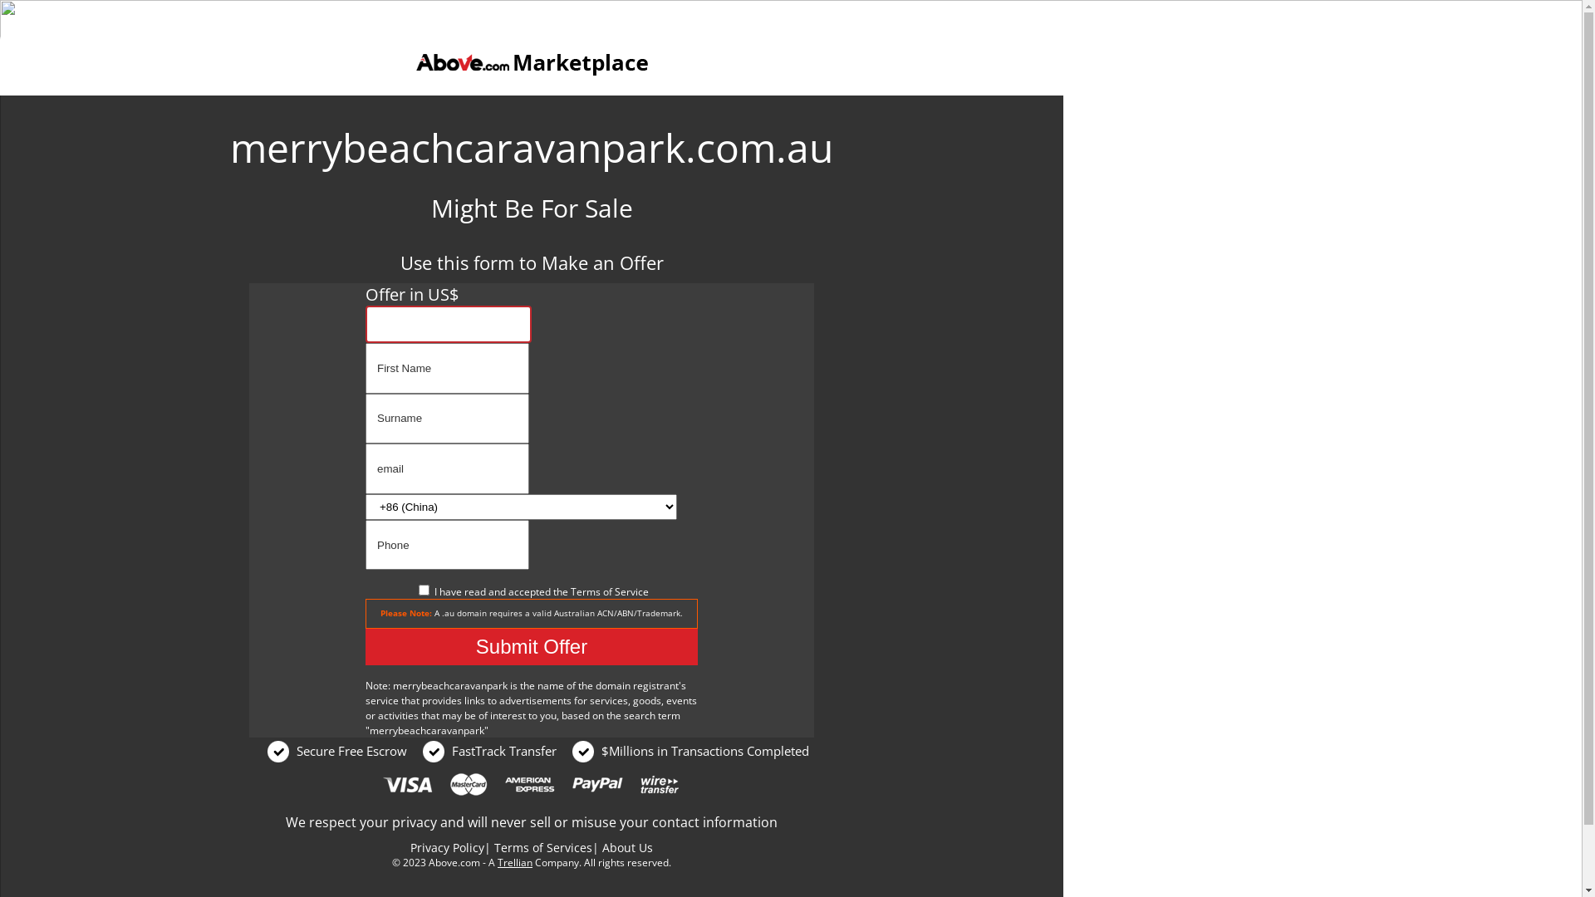  I want to click on 'Submit Offer', so click(530, 646).